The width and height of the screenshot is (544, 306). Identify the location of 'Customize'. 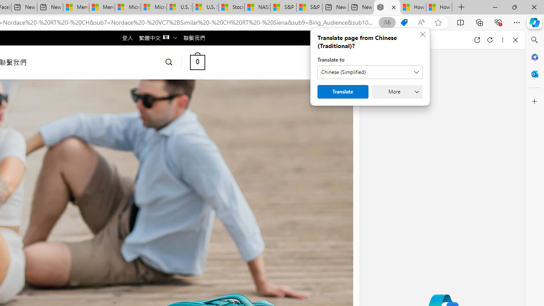
(534, 101).